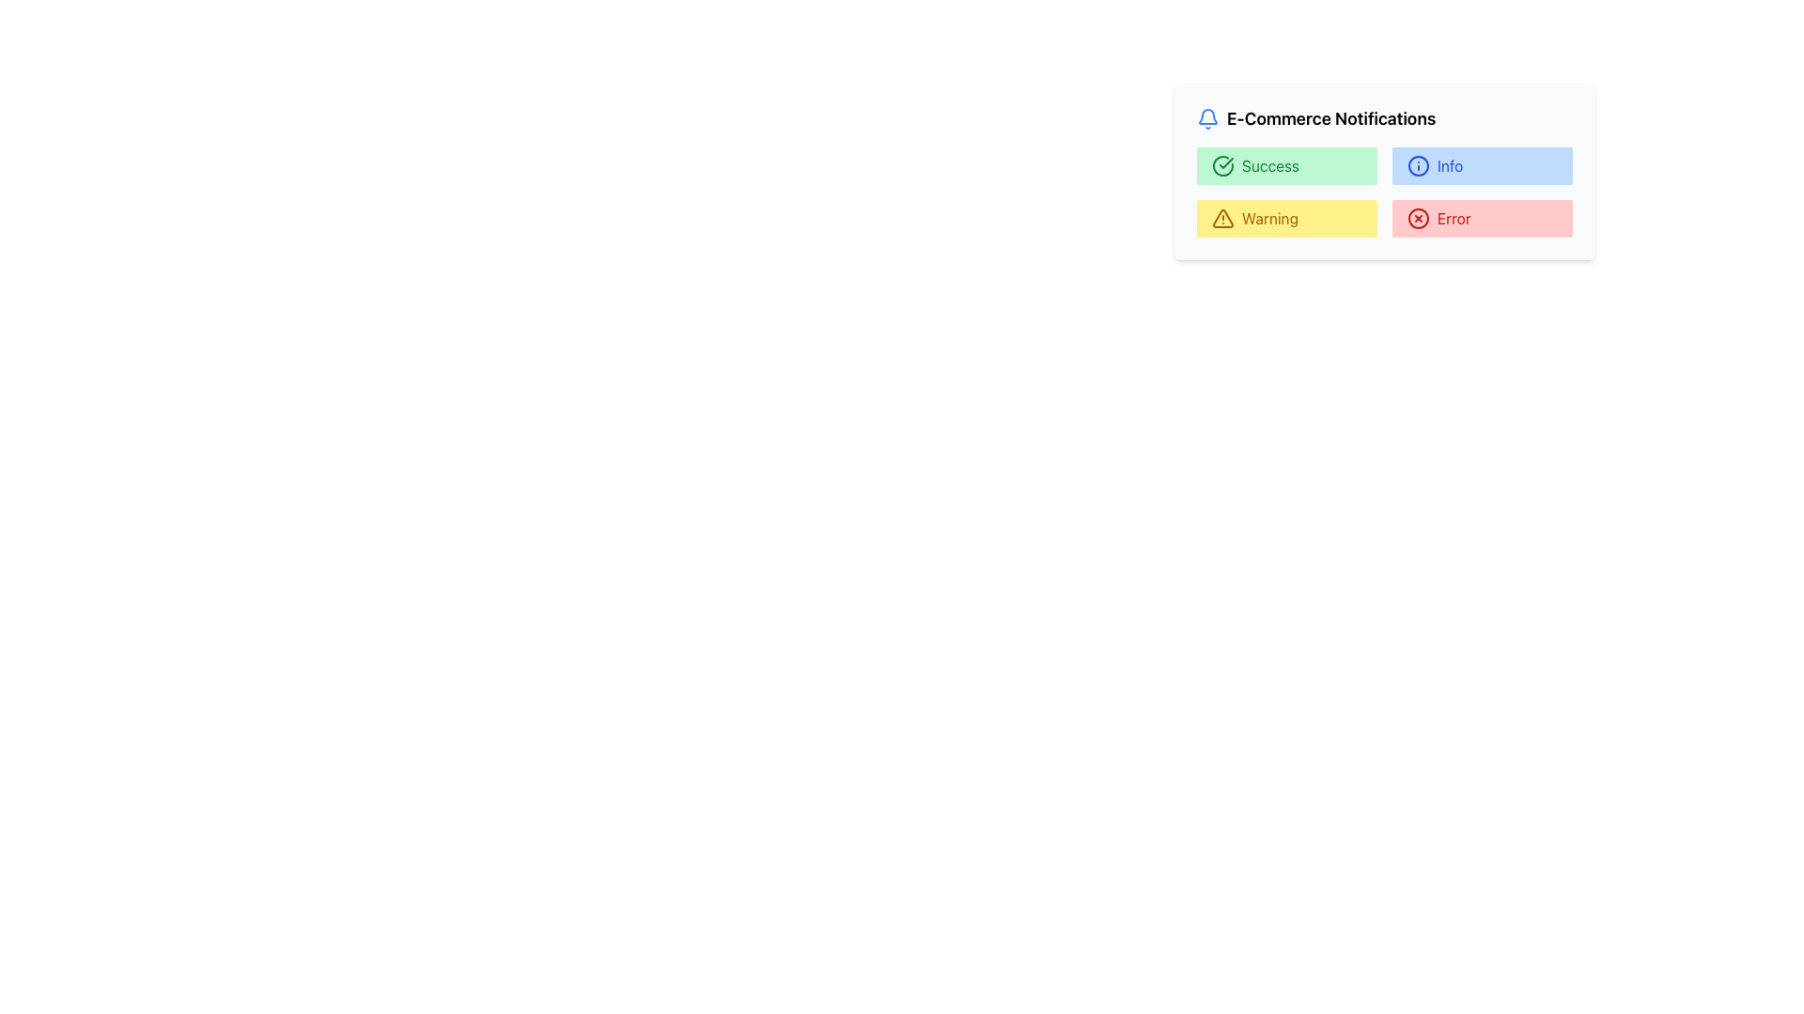  I want to click on the 'Warning' notification button with a yellow background, so click(1285, 217).